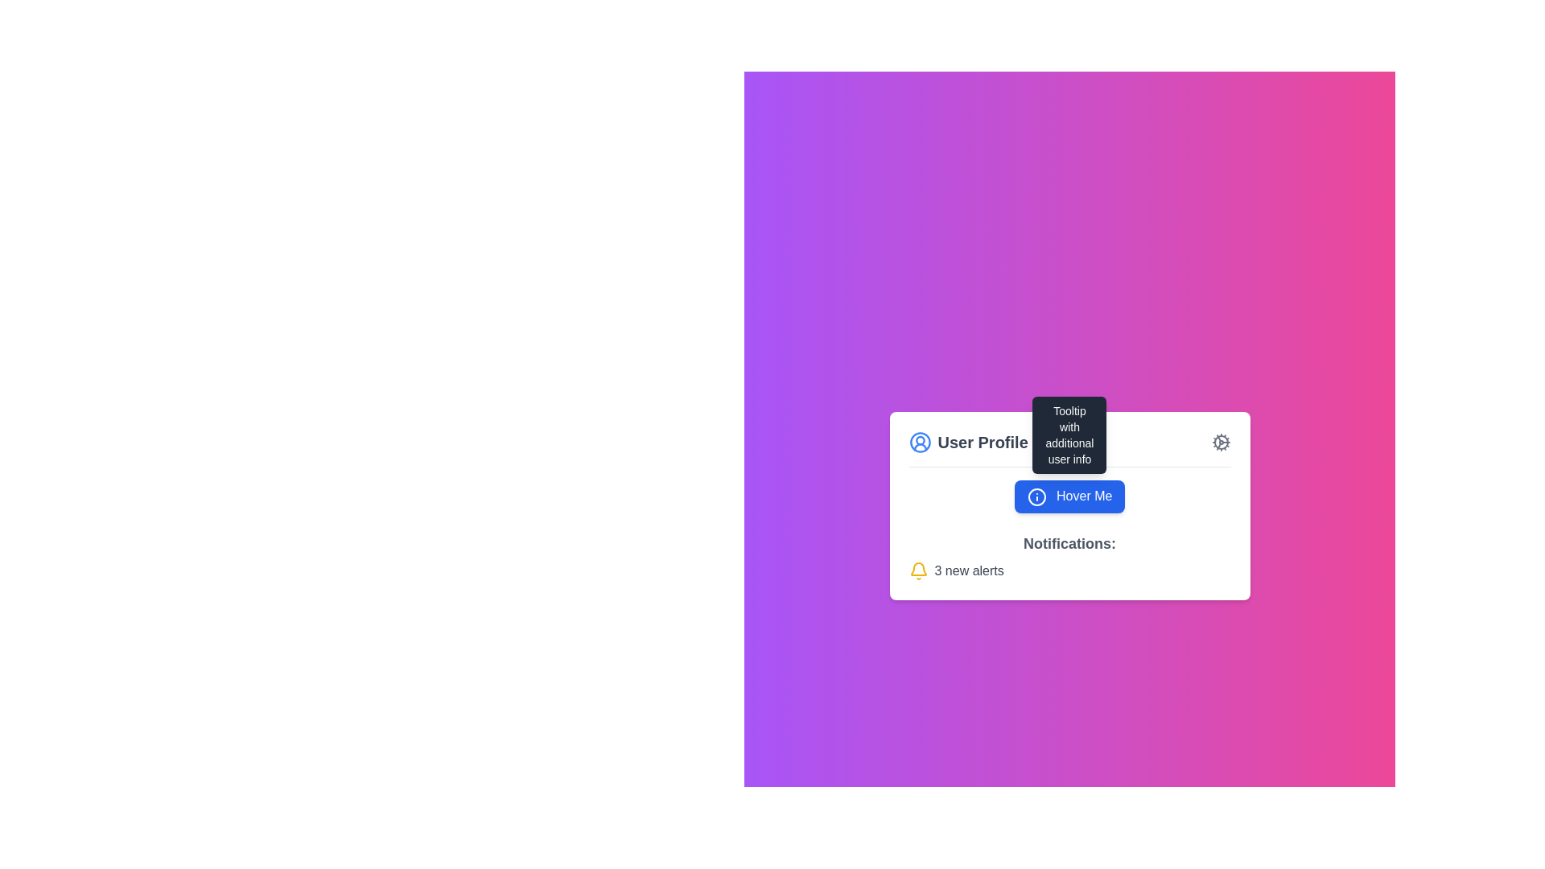 The image size is (1545, 869). What do you see at coordinates (1069, 496) in the screenshot?
I see `the button located below the 'User Profile' heading and above the 'Notifications' section, which displays a tooltip with additional user information` at bounding box center [1069, 496].